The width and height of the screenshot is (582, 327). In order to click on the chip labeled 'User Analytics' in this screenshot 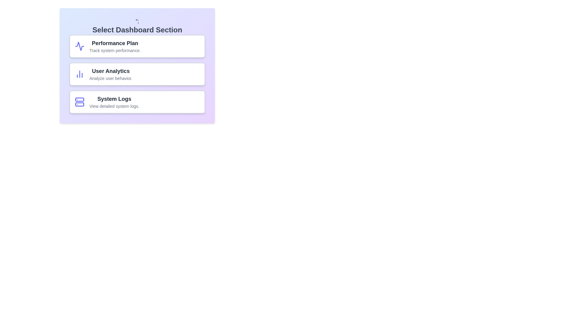, I will do `click(137, 74)`.